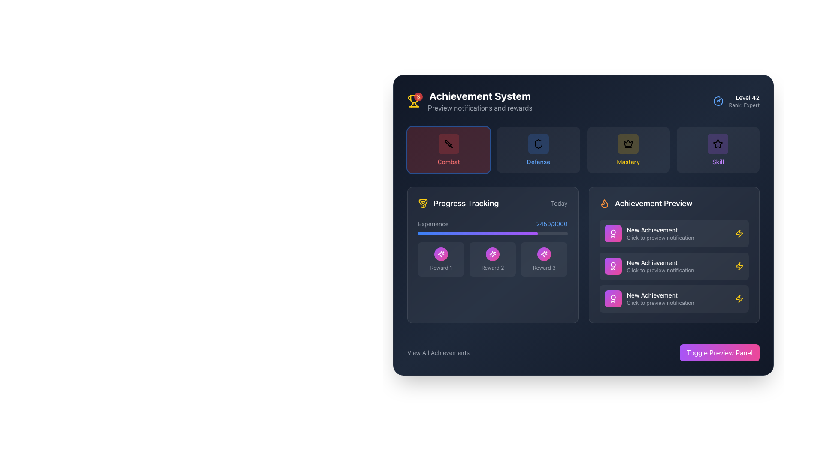  What do you see at coordinates (477, 233) in the screenshot?
I see `the leftmost segment of the 'Experience' progress bar within the 'Progress Tracking' section, which indicates the user's progress towards a goal` at bounding box center [477, 233].